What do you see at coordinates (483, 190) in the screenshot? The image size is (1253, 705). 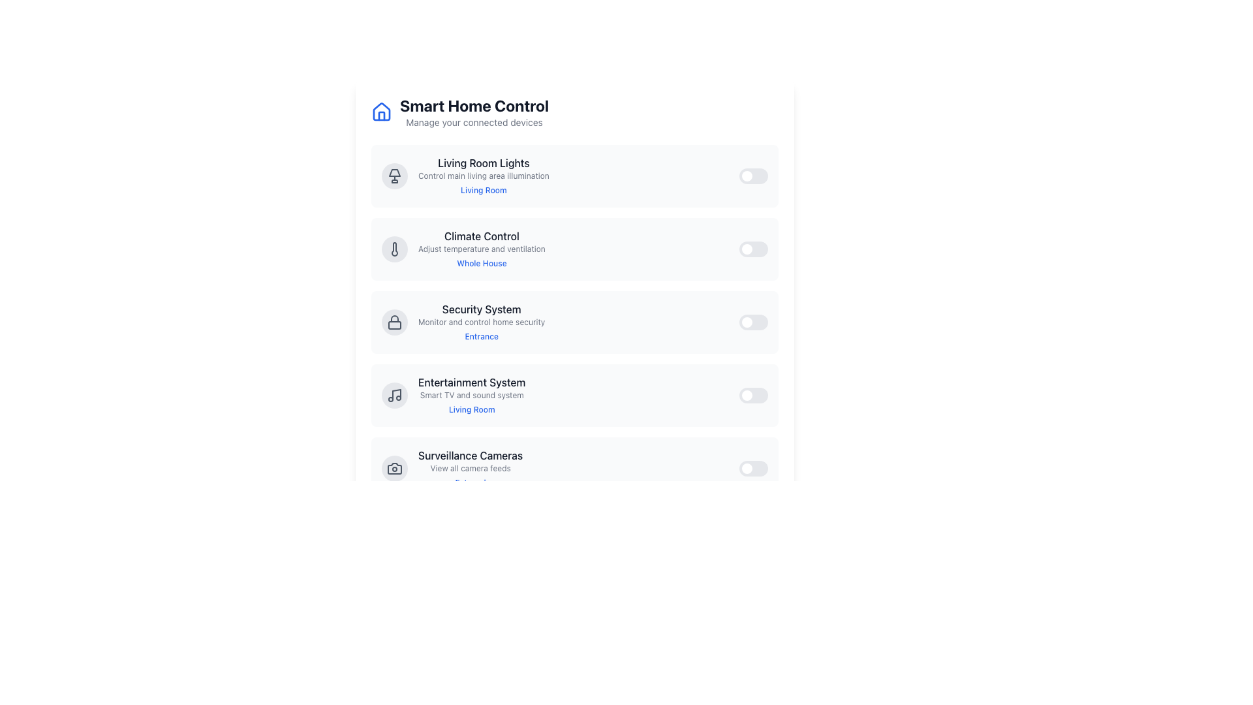 I see `the hyperlink styled text 'Living Room' using keyboard navigation` at bounding box center [483, 190].